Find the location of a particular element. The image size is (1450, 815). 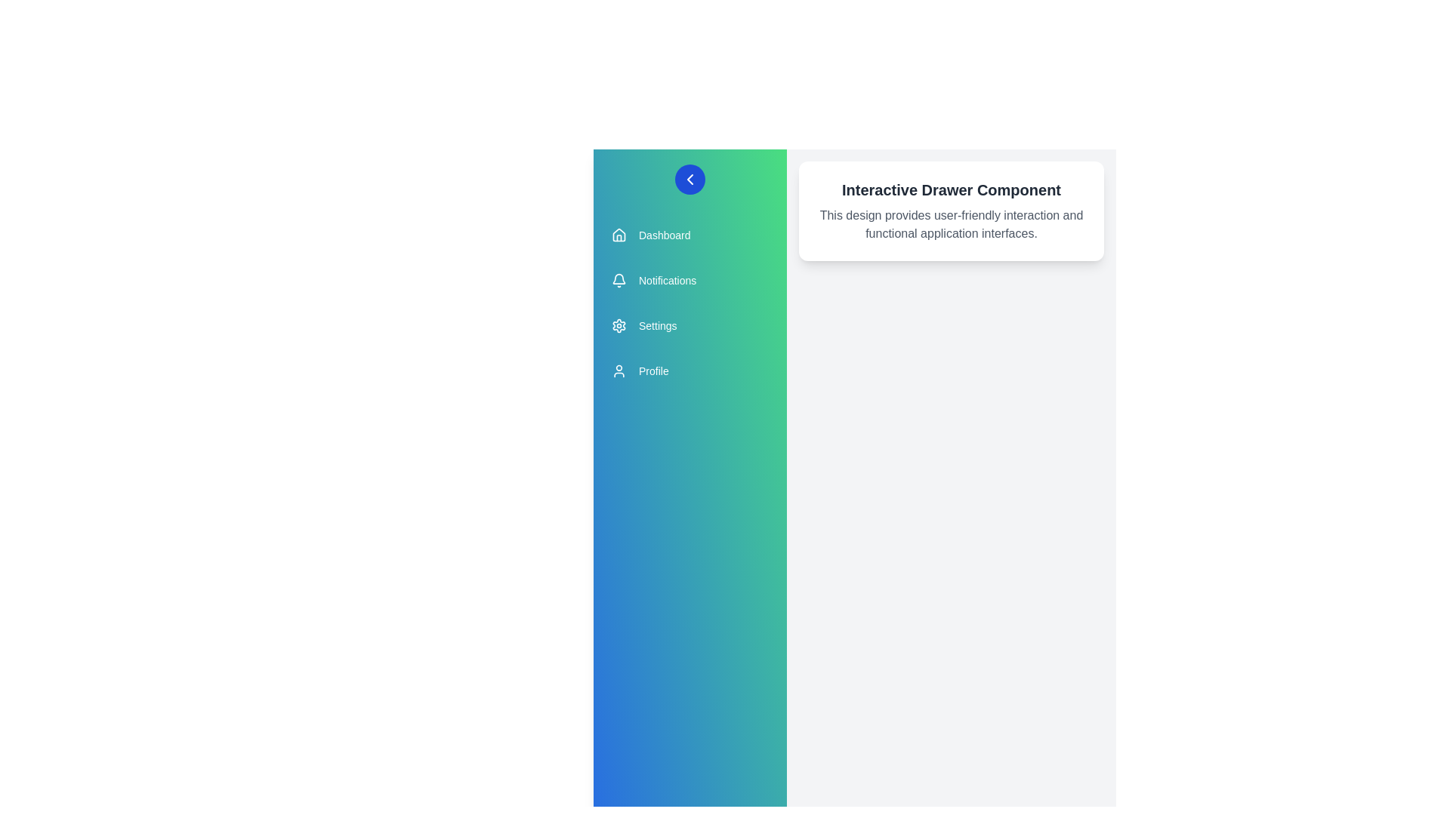

the menu item Settings from the drawer is located at coordinates (689, 325).